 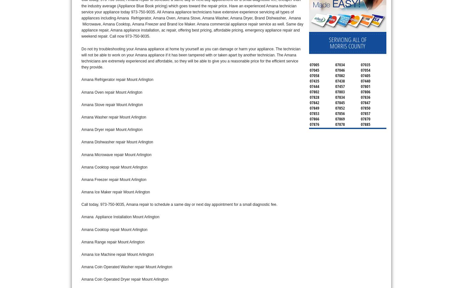 What do you see at coordinates (365, 123) in the screenshot?
I see `'07885'` at bounding box center [365, 123].